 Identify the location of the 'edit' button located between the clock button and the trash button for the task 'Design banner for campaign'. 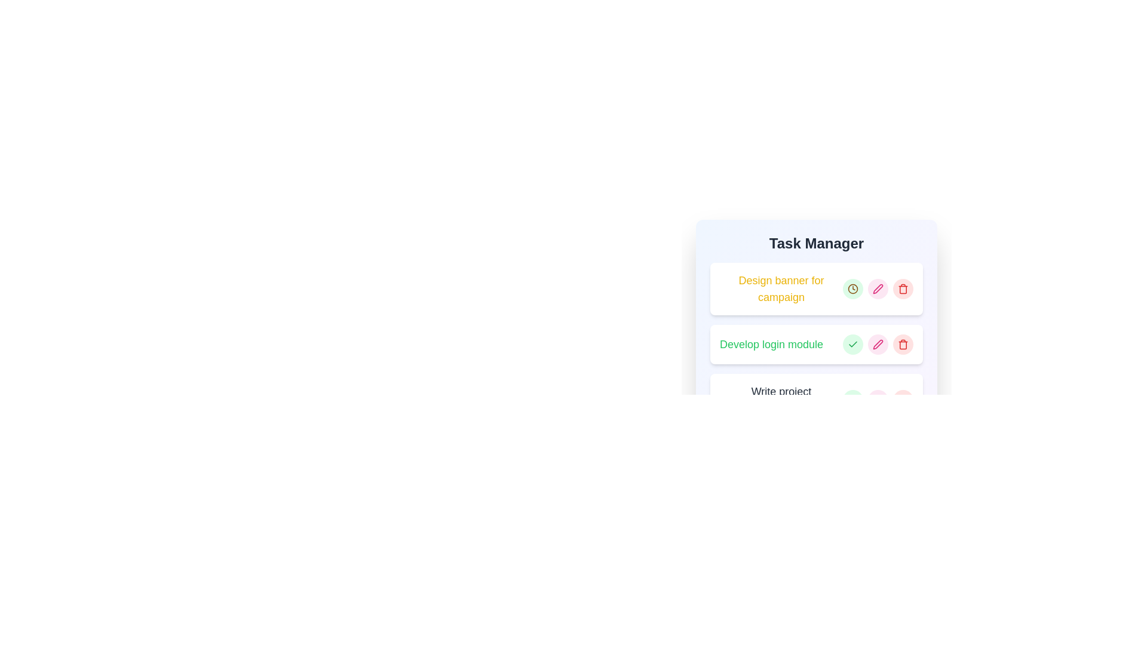
(878, 288).